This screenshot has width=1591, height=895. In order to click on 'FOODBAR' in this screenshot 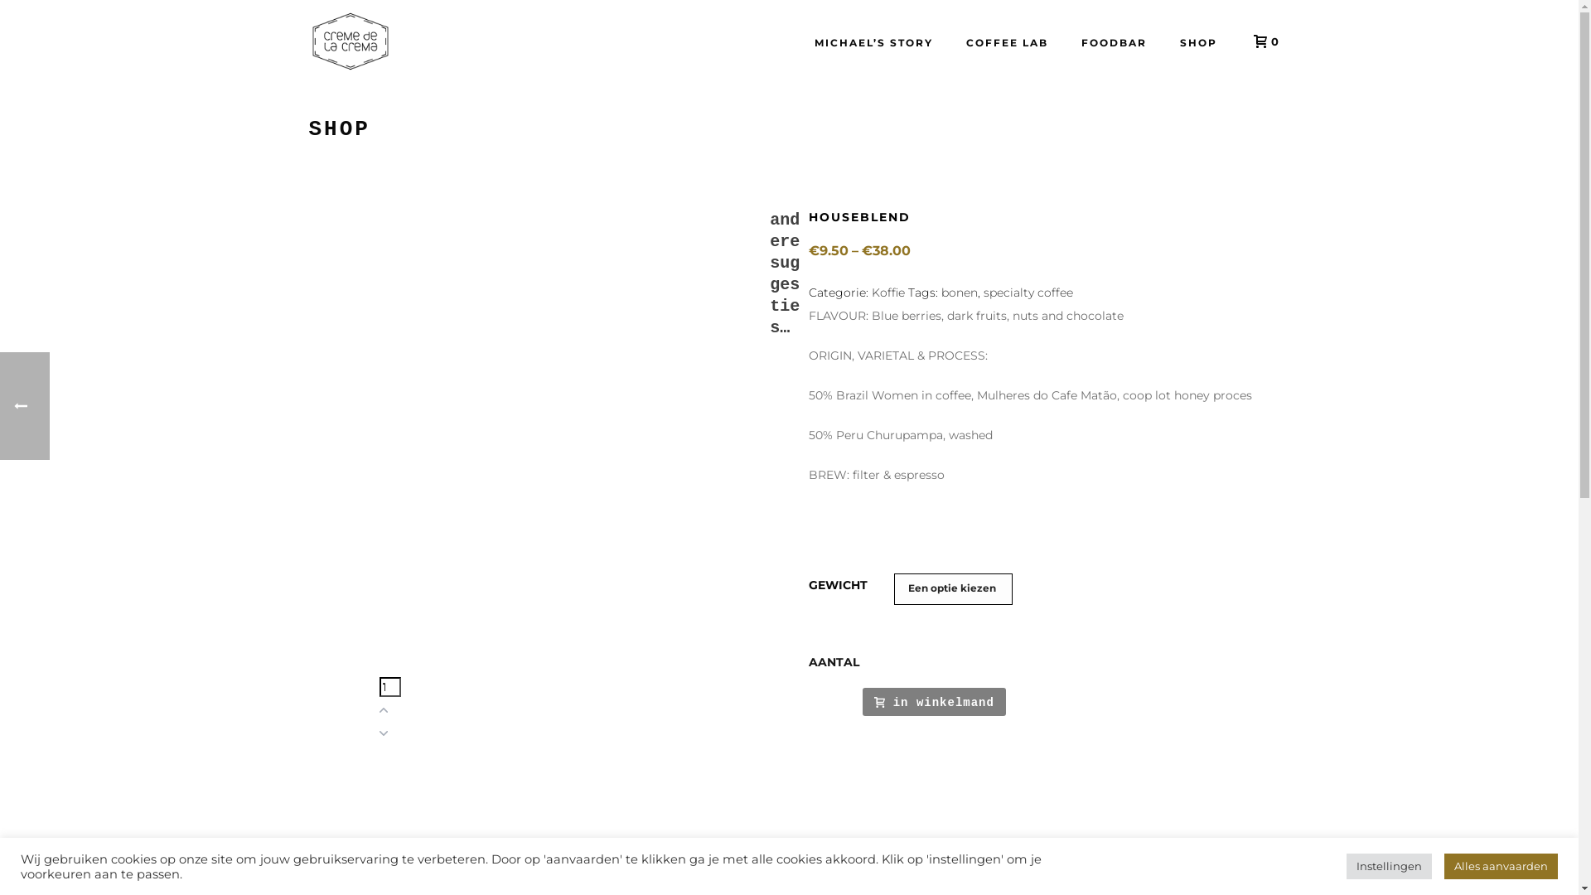, I will do `click(1113, 41)`.